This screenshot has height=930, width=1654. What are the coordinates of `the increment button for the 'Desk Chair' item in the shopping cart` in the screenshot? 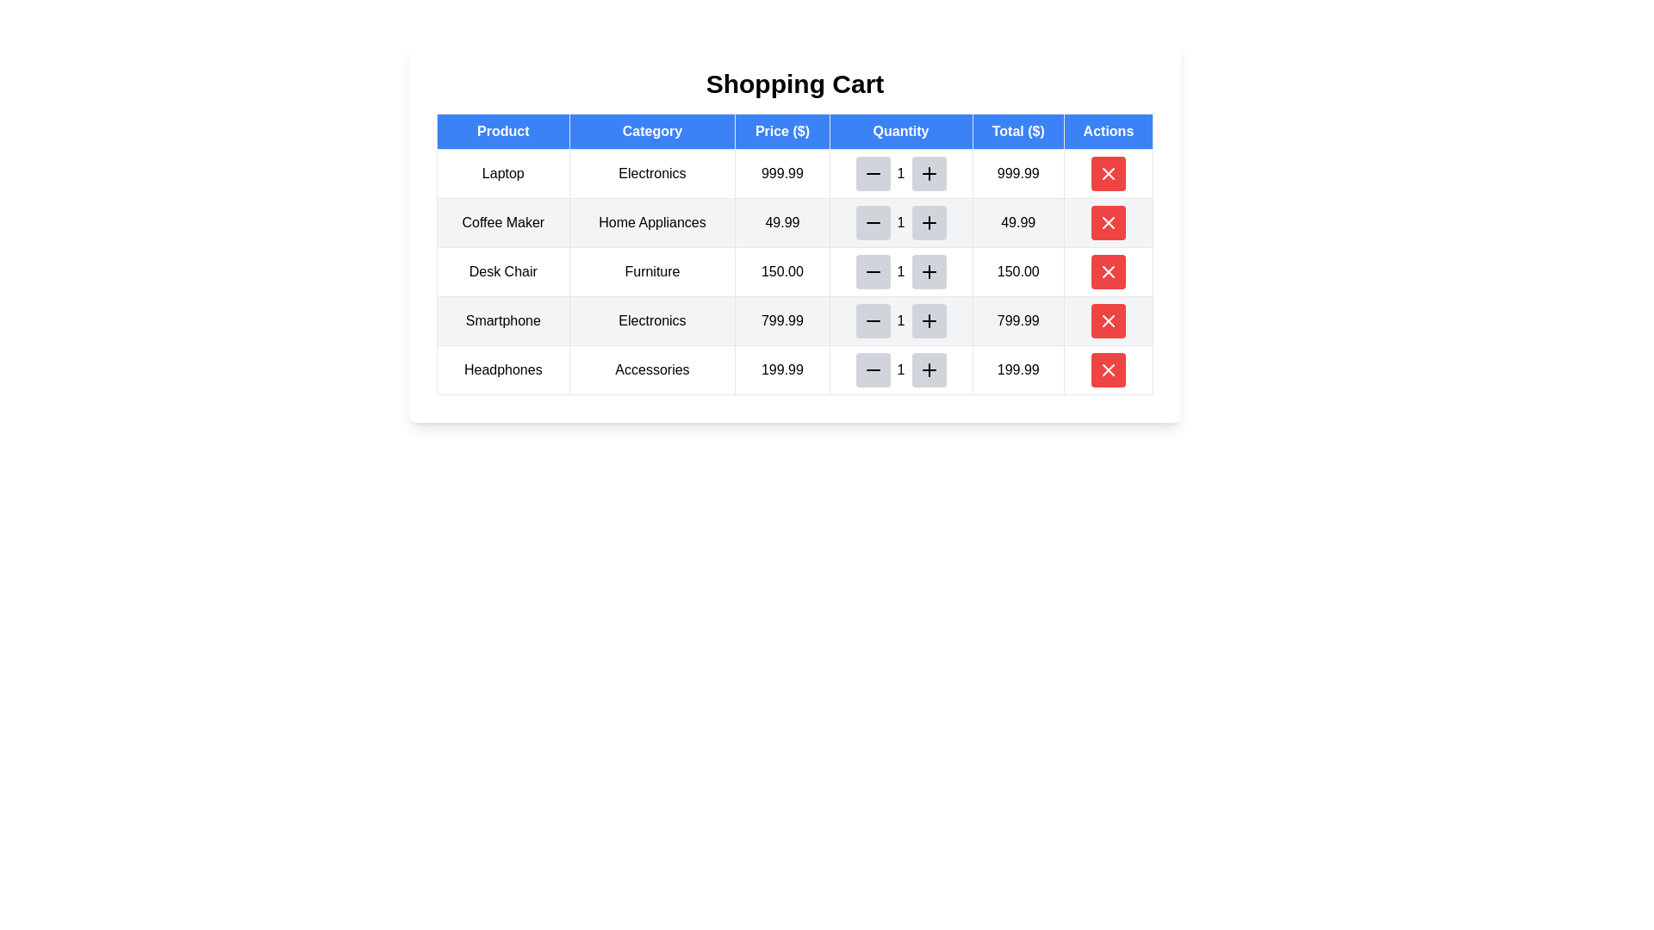 It's located at (928, 271).